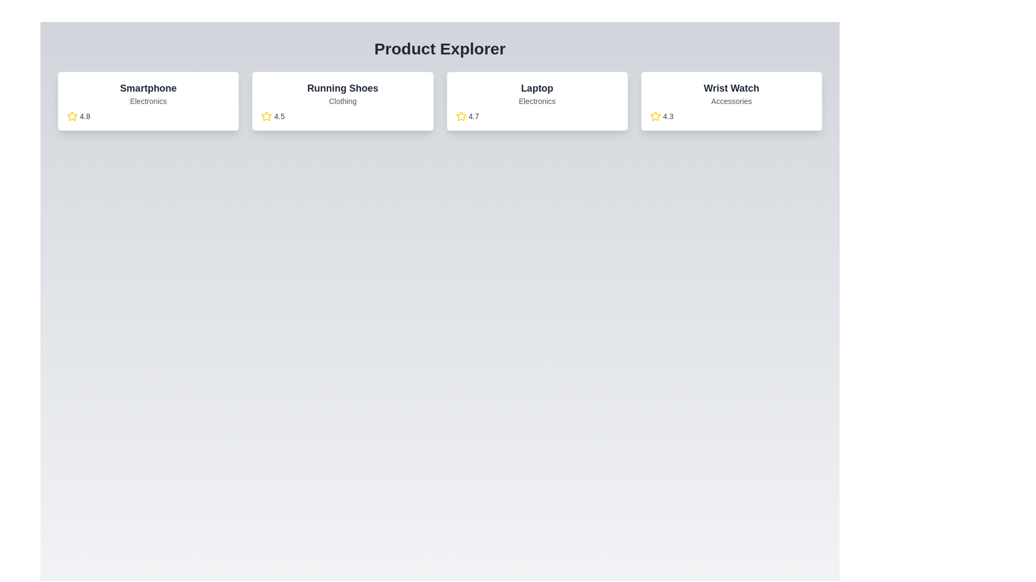 This screenshot has width=1036, height=582. Describe the element at coordinates (267, 116) in the screenshot. I see `the first star-shaped icon with a yellow fill in the rating display for 'Running Shoes', positioned to the left of the numeric rating '4.5'` at that location.